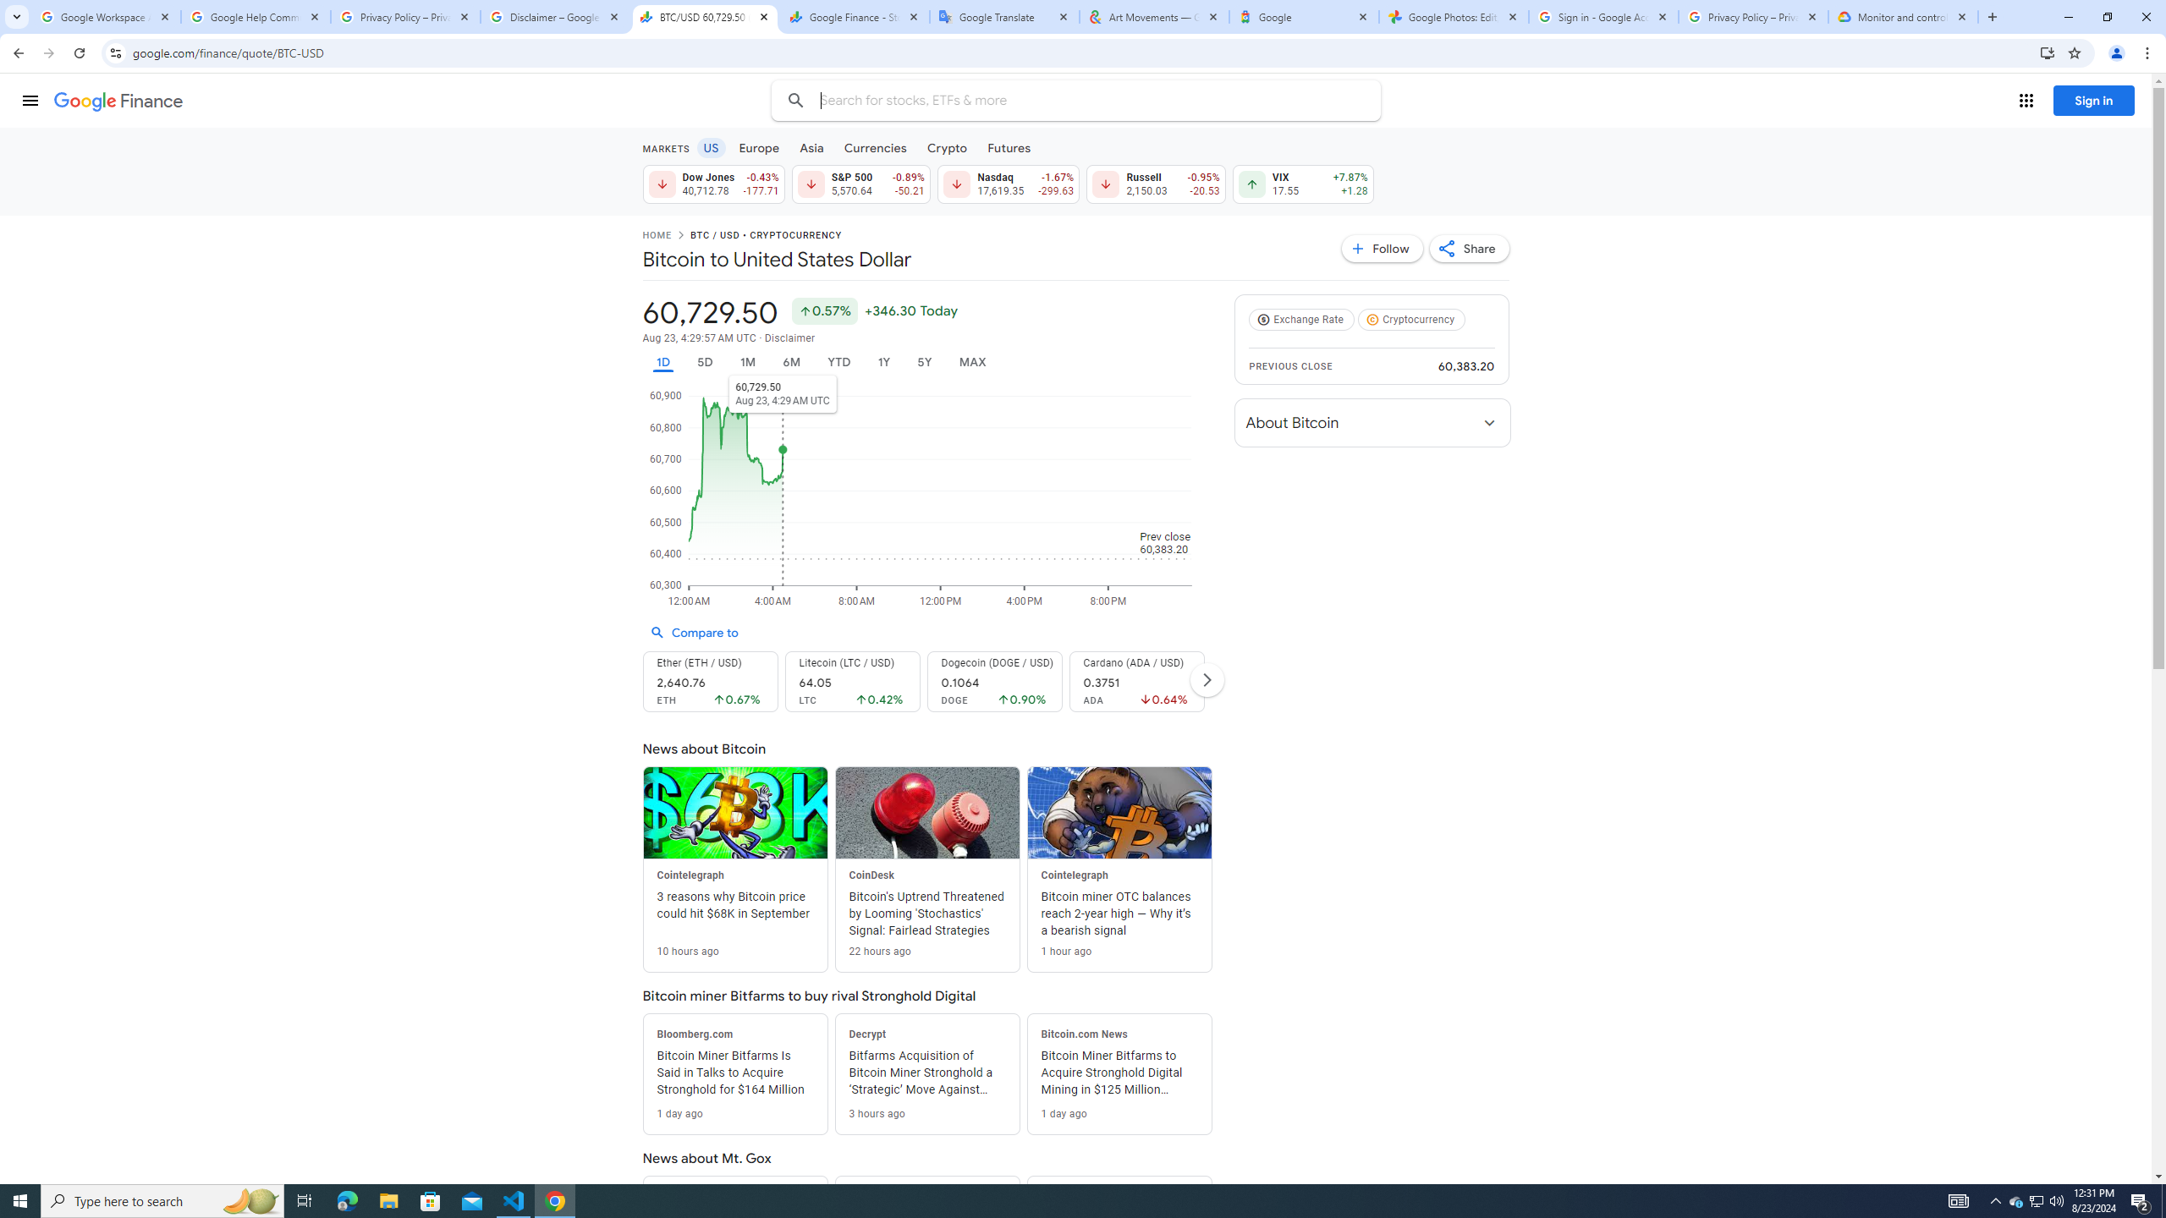  Describe the element at coordinates (1469, 247) in the screenshot. I see `'Share'` at that location.